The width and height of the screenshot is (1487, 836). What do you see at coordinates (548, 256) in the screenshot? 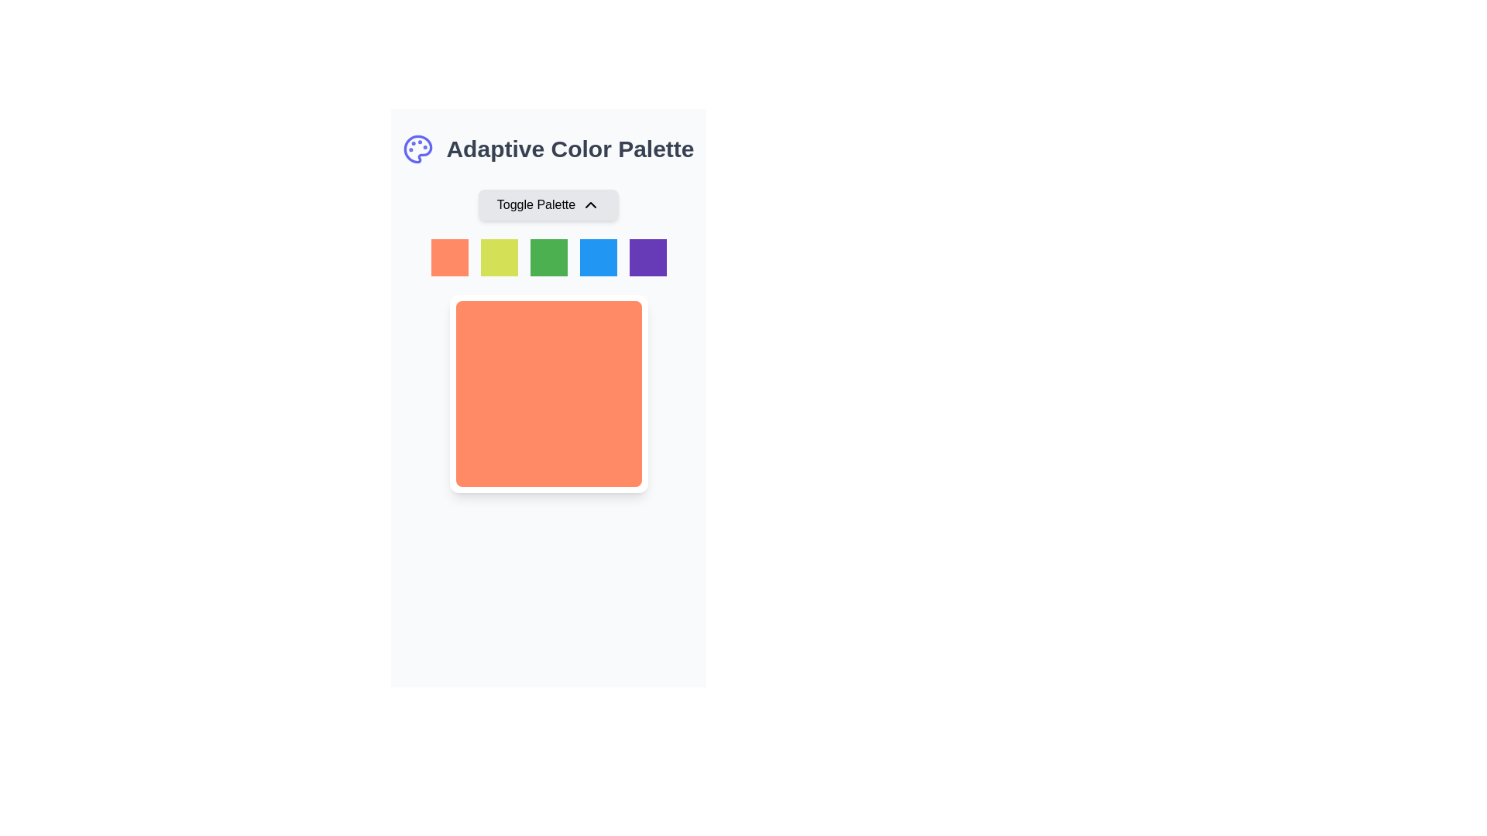
I see `the third color swatch in the row of five squares beneath the 'Toggle Palette' button` at bounding box center [548, 256].